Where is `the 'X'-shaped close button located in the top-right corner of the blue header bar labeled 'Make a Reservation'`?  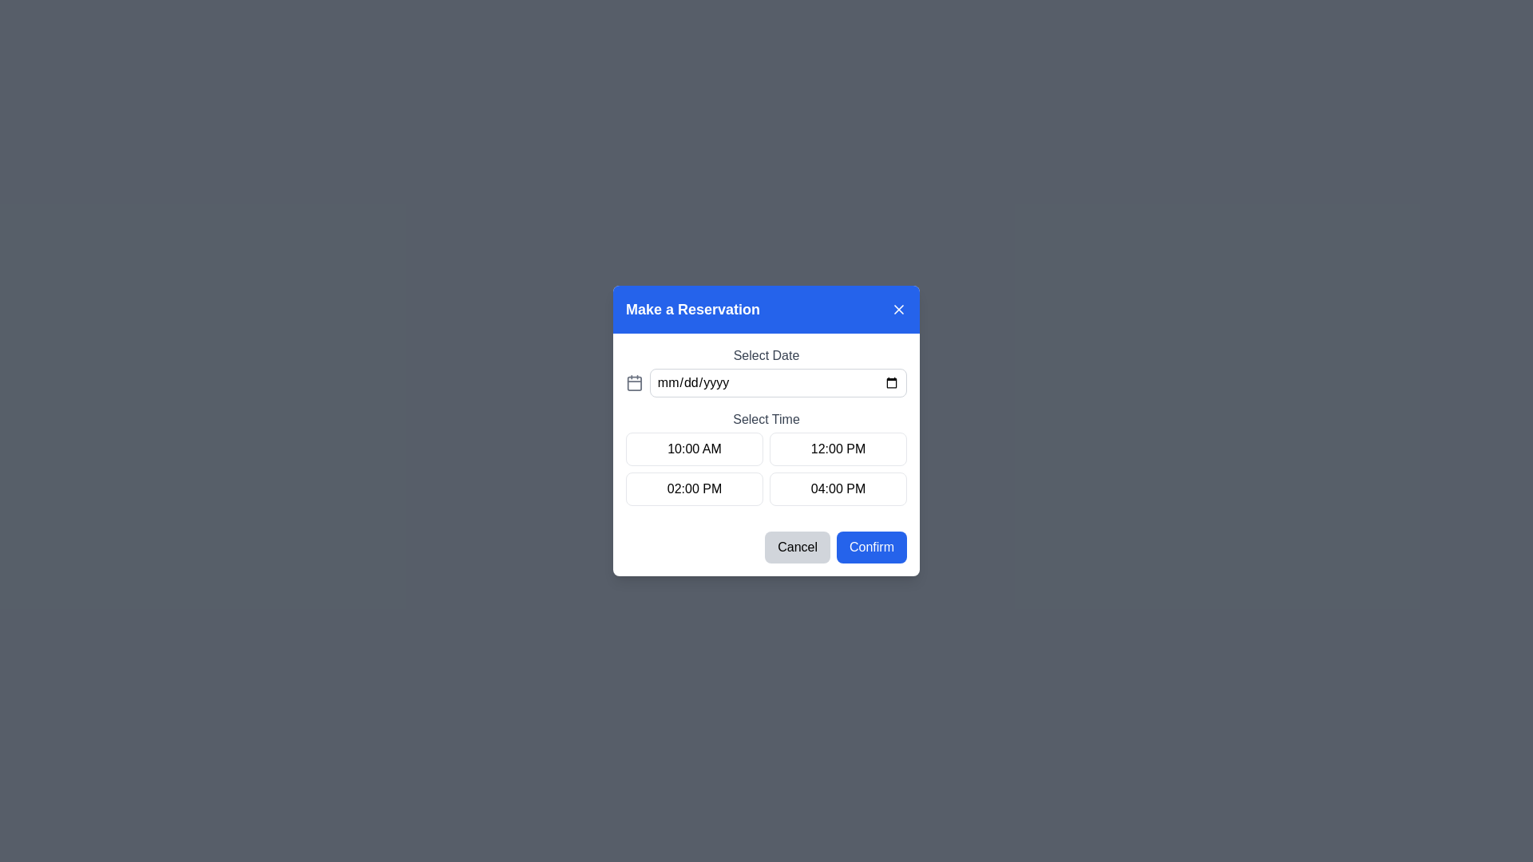 the 'X'-shaped close button located in the top-right corner of the blue header bar labeled 'Make a Reservation' is located at coordinates (899, 310).